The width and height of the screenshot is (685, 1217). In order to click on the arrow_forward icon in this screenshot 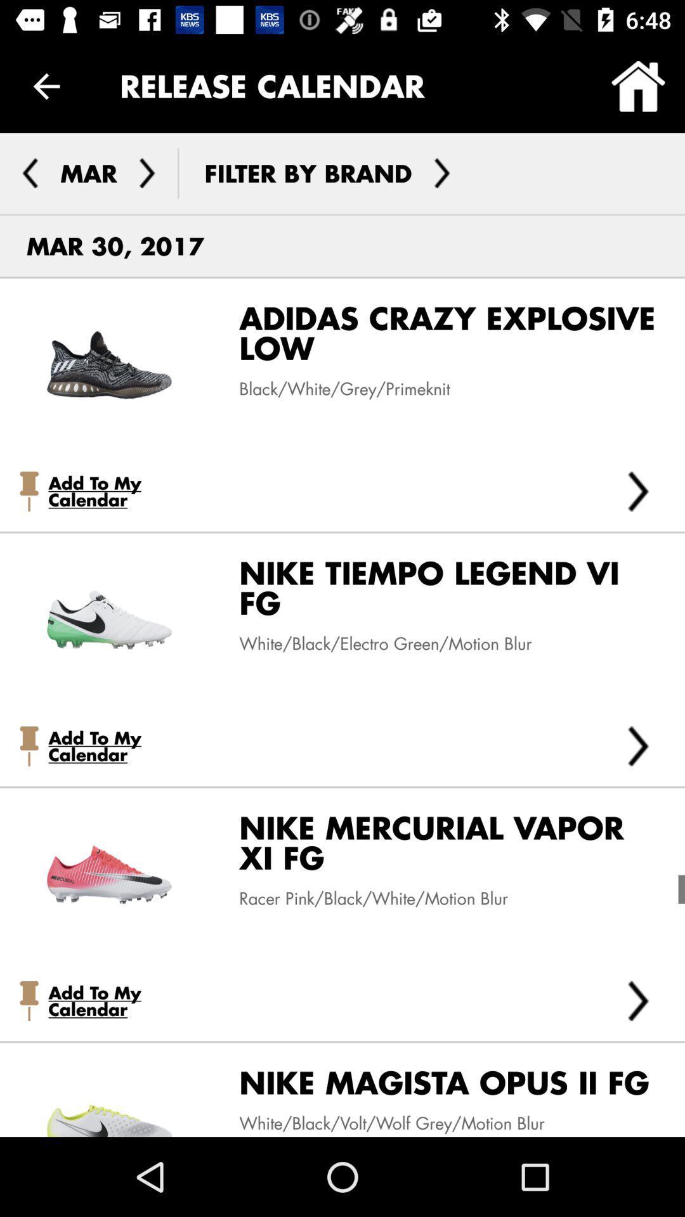, I will do `click(147, 172)`.